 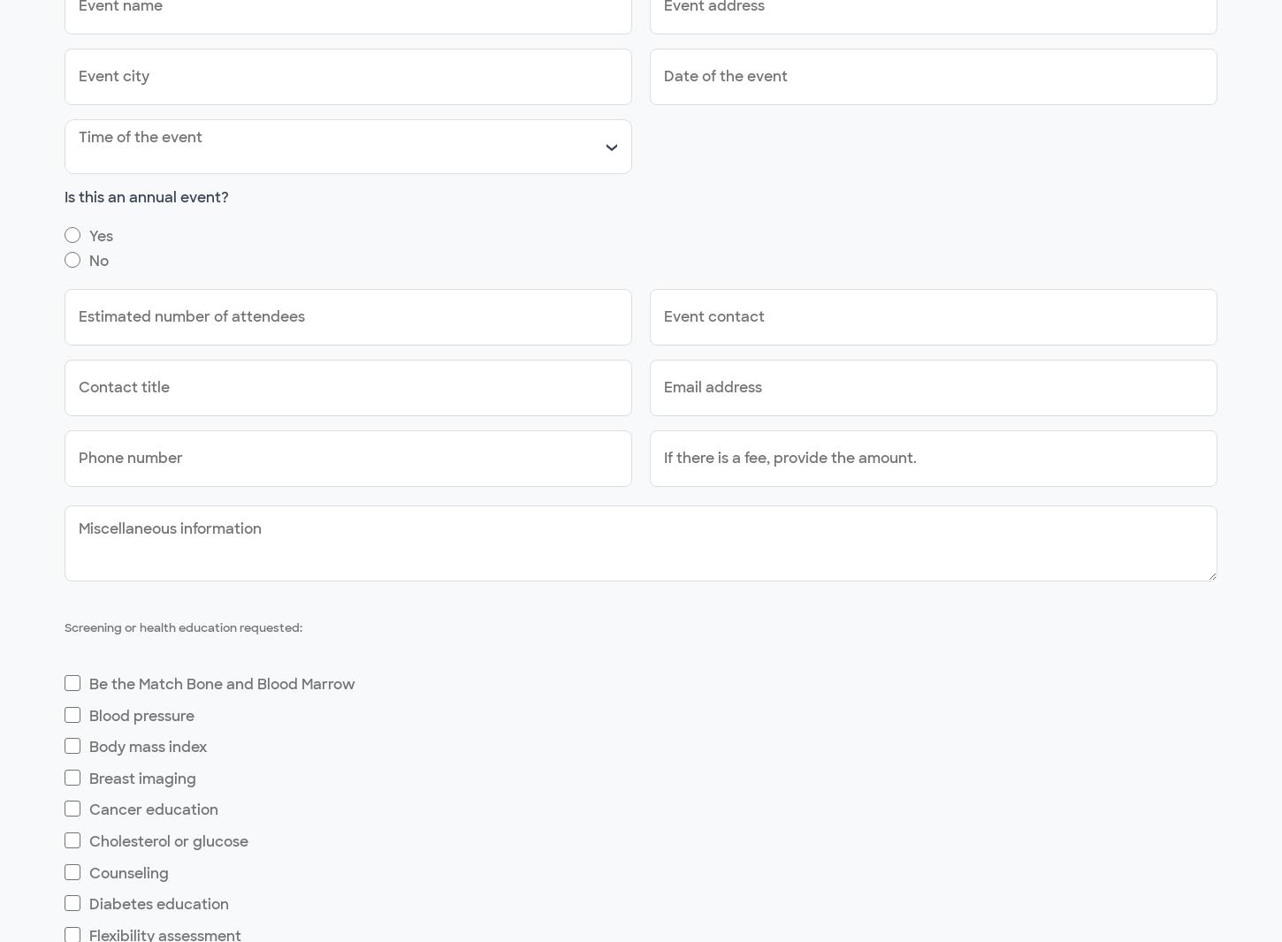 I want to click on 'Contact title', so click(x=123, y=387).